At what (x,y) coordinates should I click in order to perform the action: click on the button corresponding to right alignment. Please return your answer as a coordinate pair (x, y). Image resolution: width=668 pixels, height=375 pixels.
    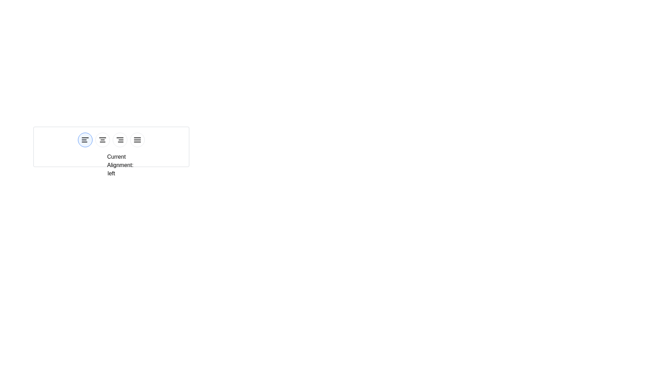
    Looking at the image, I should click on (120, 140).